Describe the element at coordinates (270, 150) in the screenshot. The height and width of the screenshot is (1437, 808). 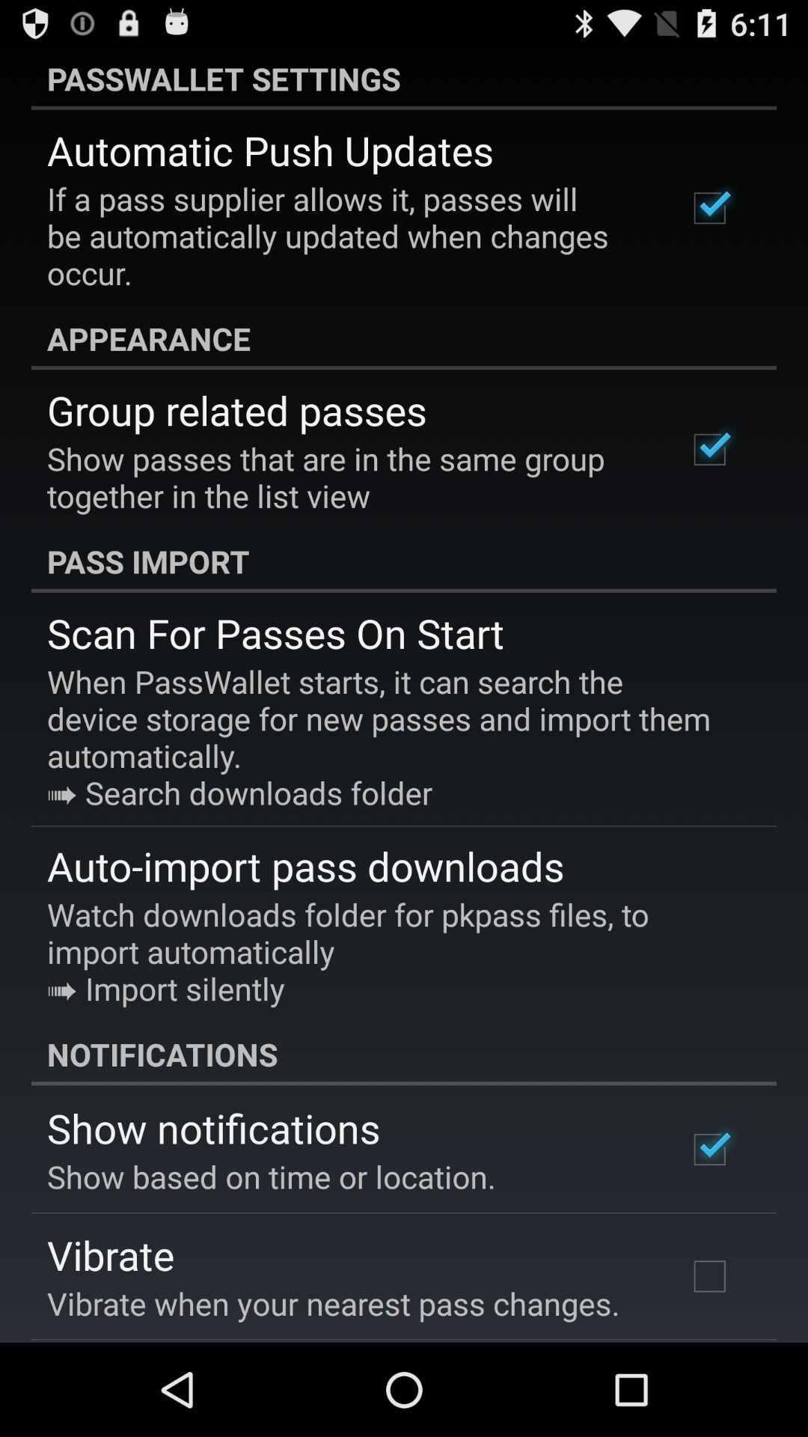
I see `automatic push updates` at that location.